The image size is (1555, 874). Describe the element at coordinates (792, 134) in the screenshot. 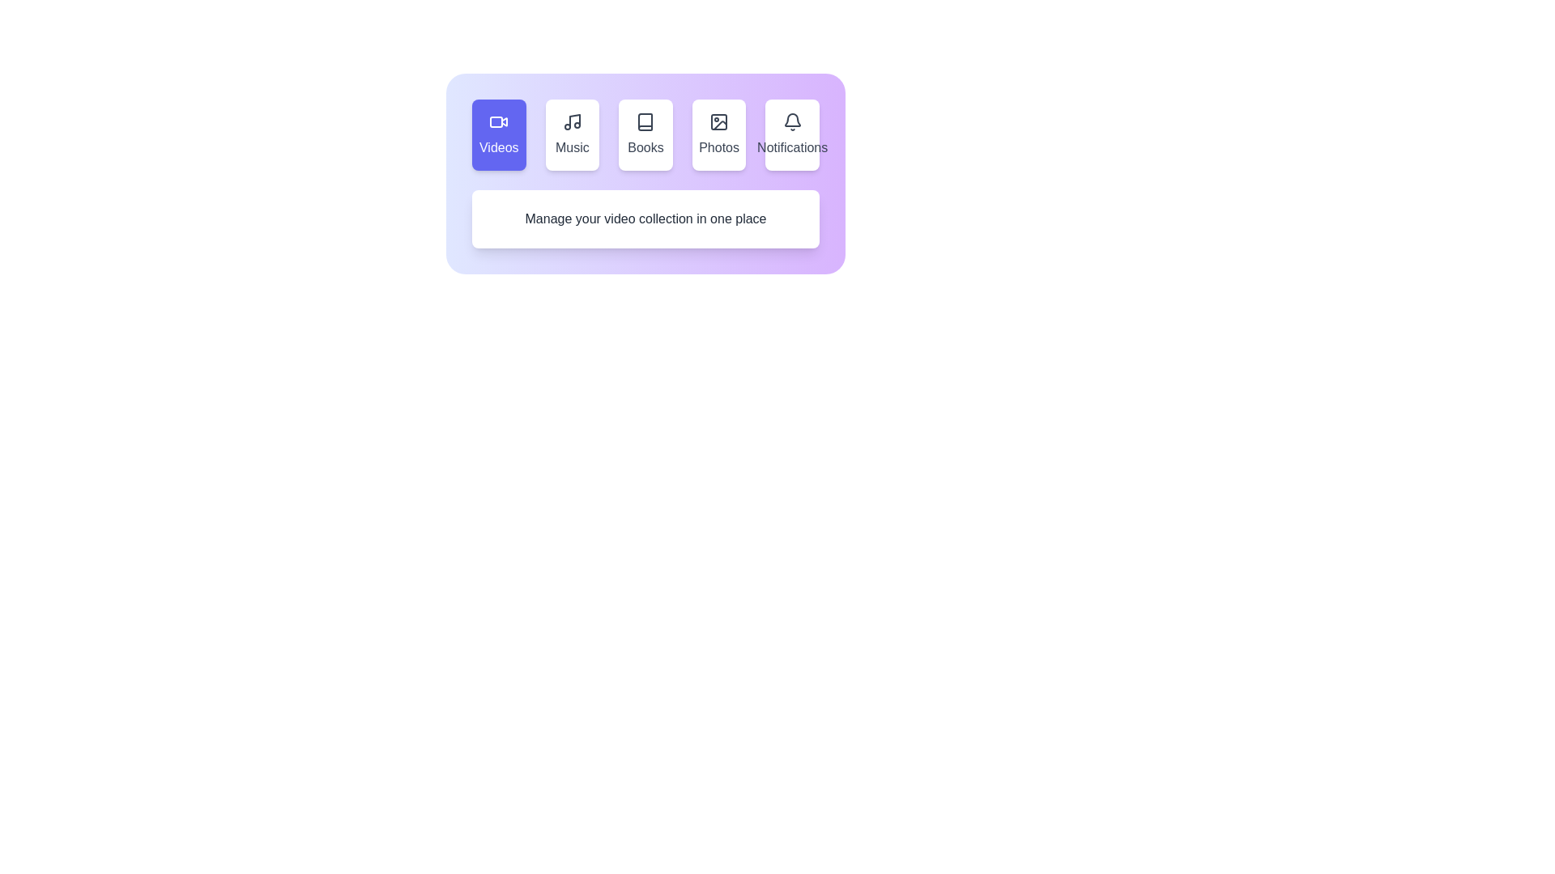

I see `the tab labeled Notifications to switch to it` at that location.